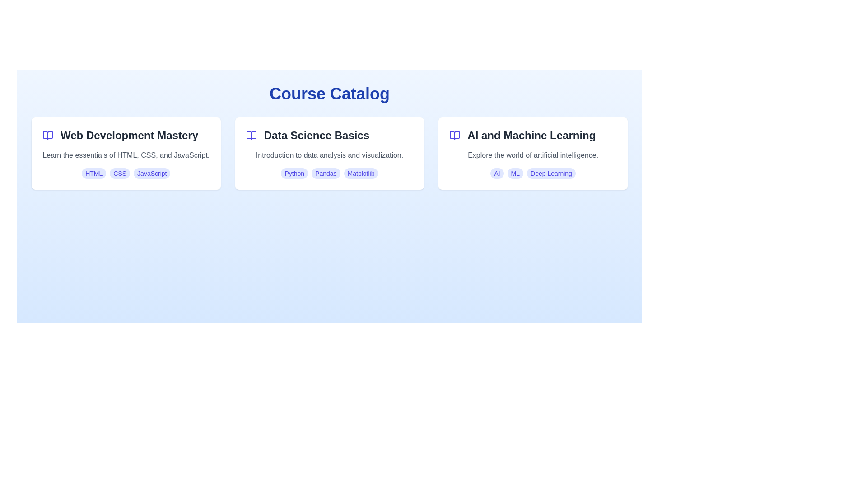  Describe the element at coordinates (152, 174) in the screenshot. I see `the pill-shaped tag with the text 'JavaScript', which is the third tag in a horizontal row of technology tags within the 'Web Development Mastery' section` at that location.